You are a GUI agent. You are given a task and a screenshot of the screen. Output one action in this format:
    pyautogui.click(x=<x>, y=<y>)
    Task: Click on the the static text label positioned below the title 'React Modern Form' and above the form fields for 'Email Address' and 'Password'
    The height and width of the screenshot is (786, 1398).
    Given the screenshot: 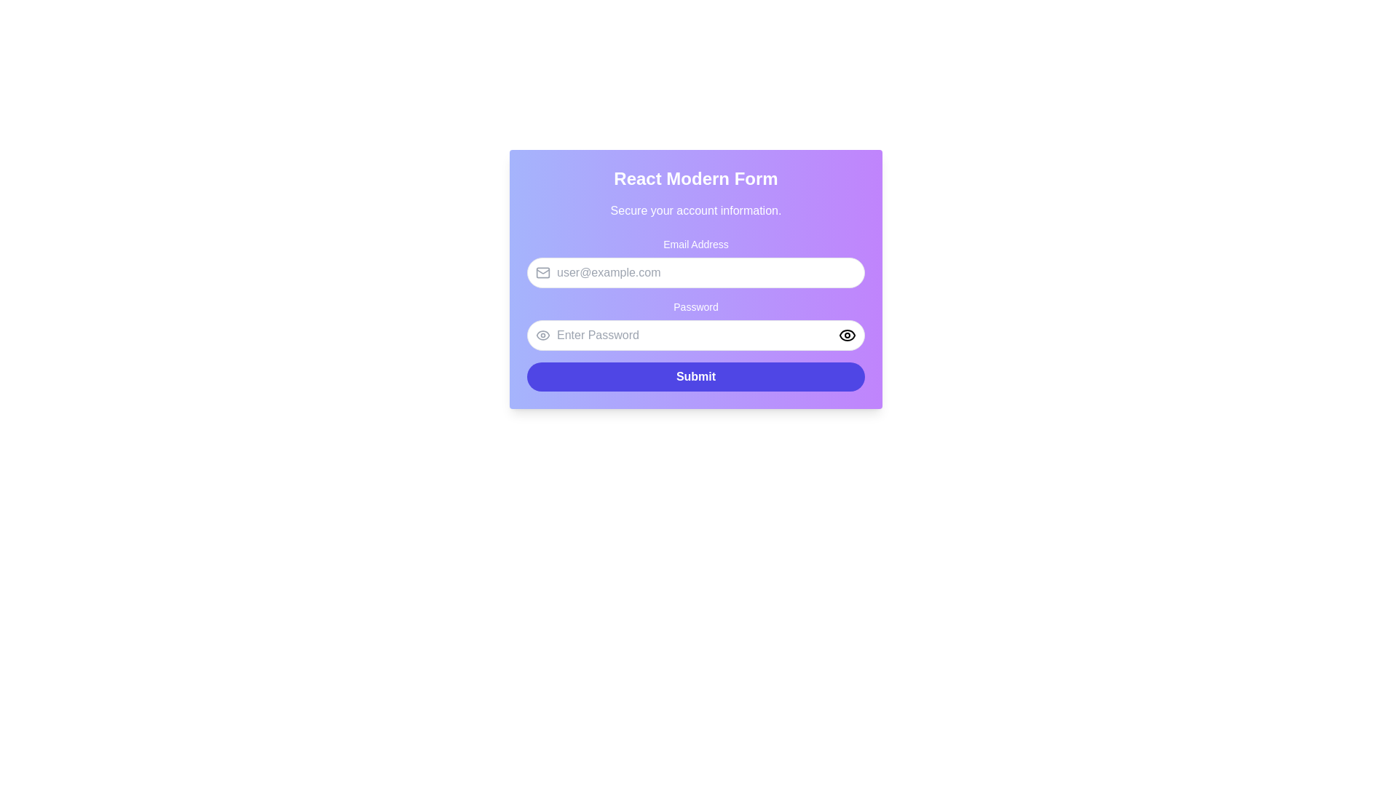 What is the action you would take?
    pyautogui.click(x=695, y=210)
    